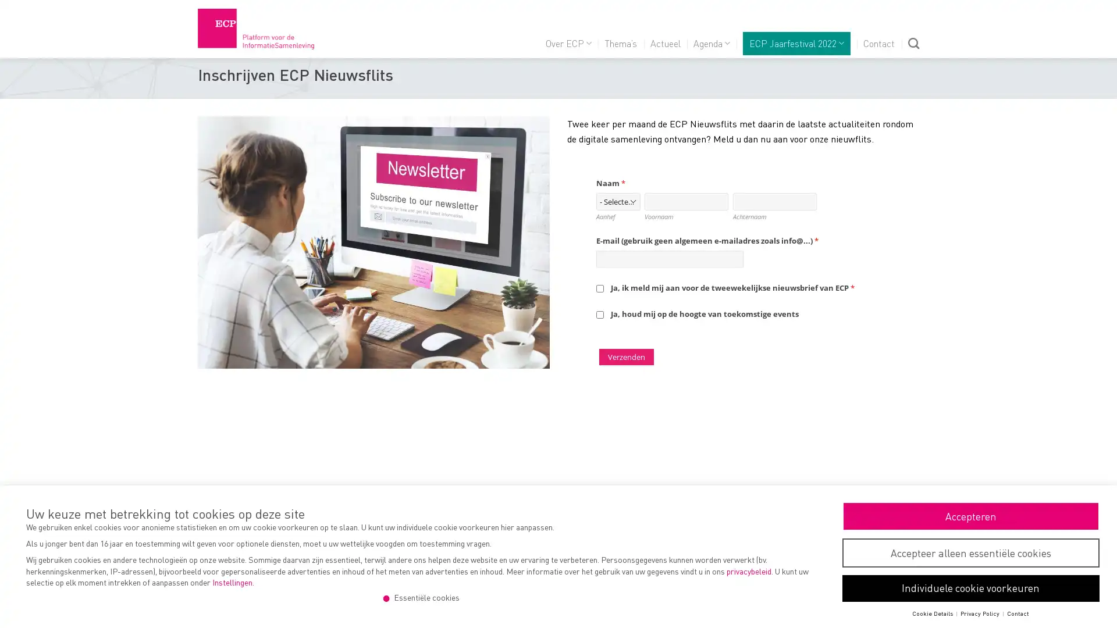 This screenshot has height=628, width=1117. I want to click on Accepteren, so click(970, 515).